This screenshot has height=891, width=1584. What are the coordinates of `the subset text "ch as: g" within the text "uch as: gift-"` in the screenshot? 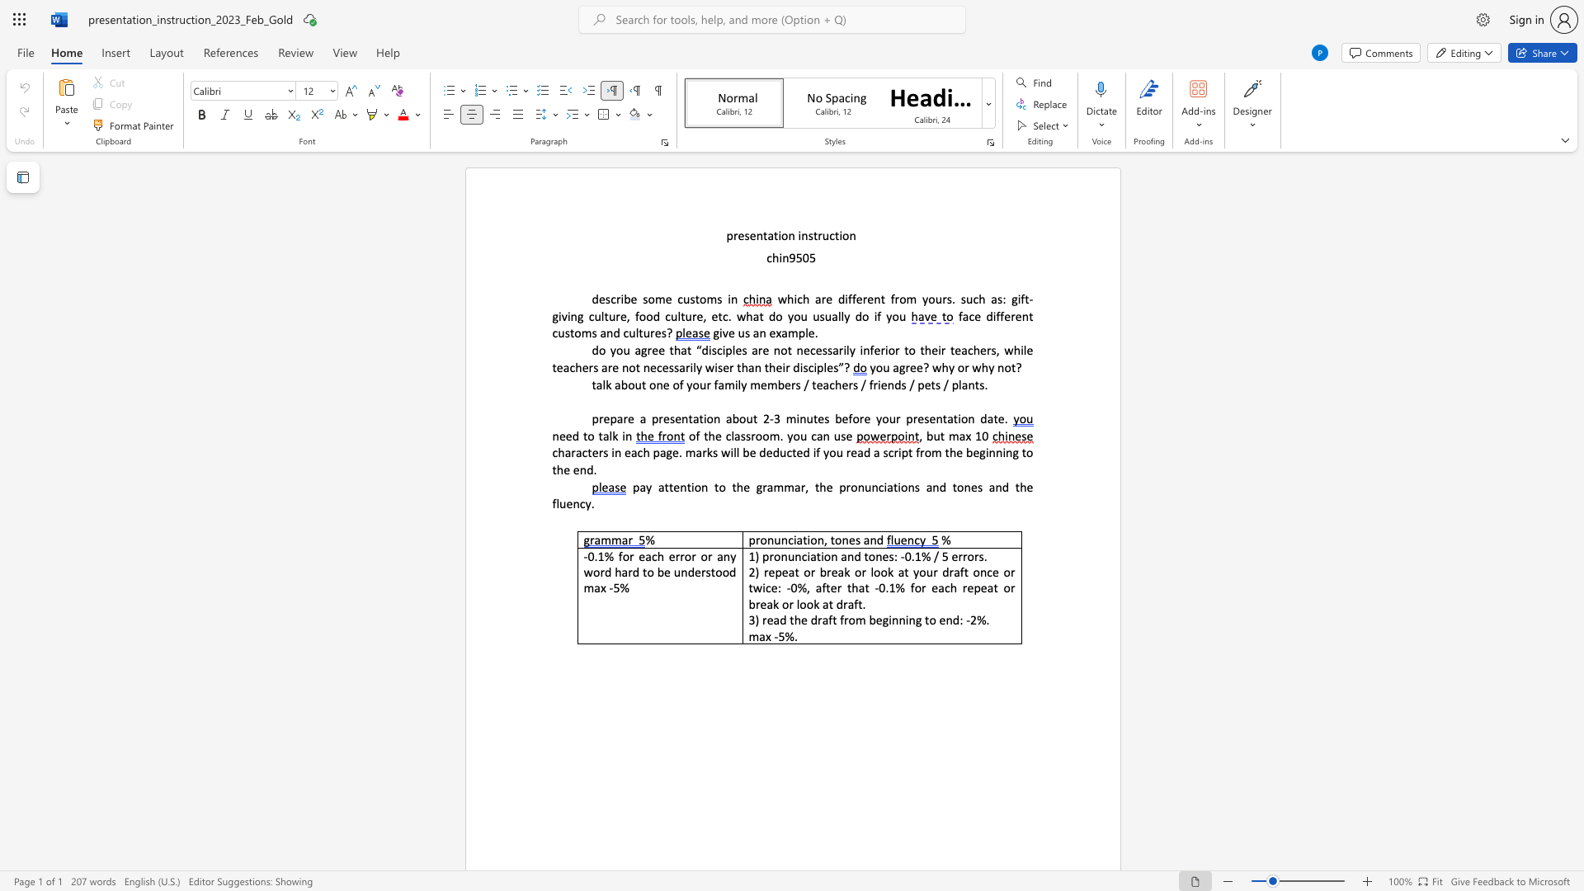 It's located at (973, 299).